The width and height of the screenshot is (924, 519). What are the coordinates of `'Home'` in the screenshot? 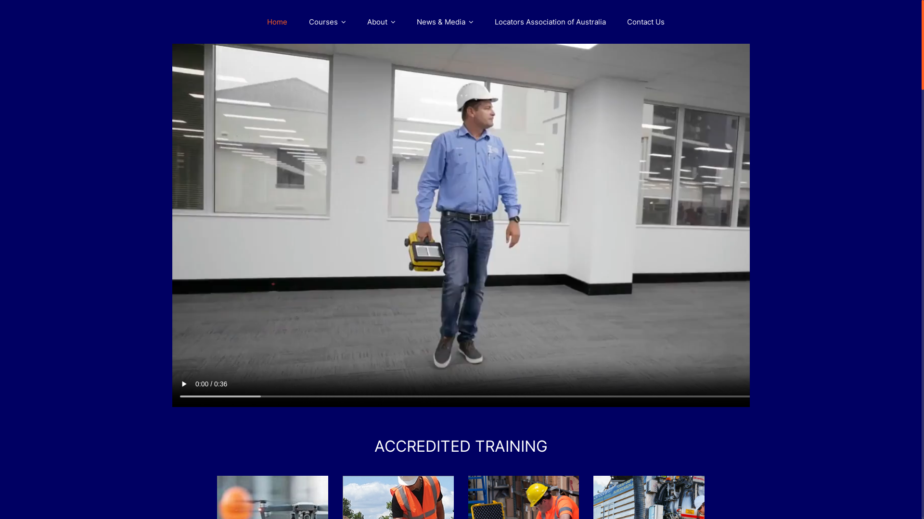 It's located at (276, 22).